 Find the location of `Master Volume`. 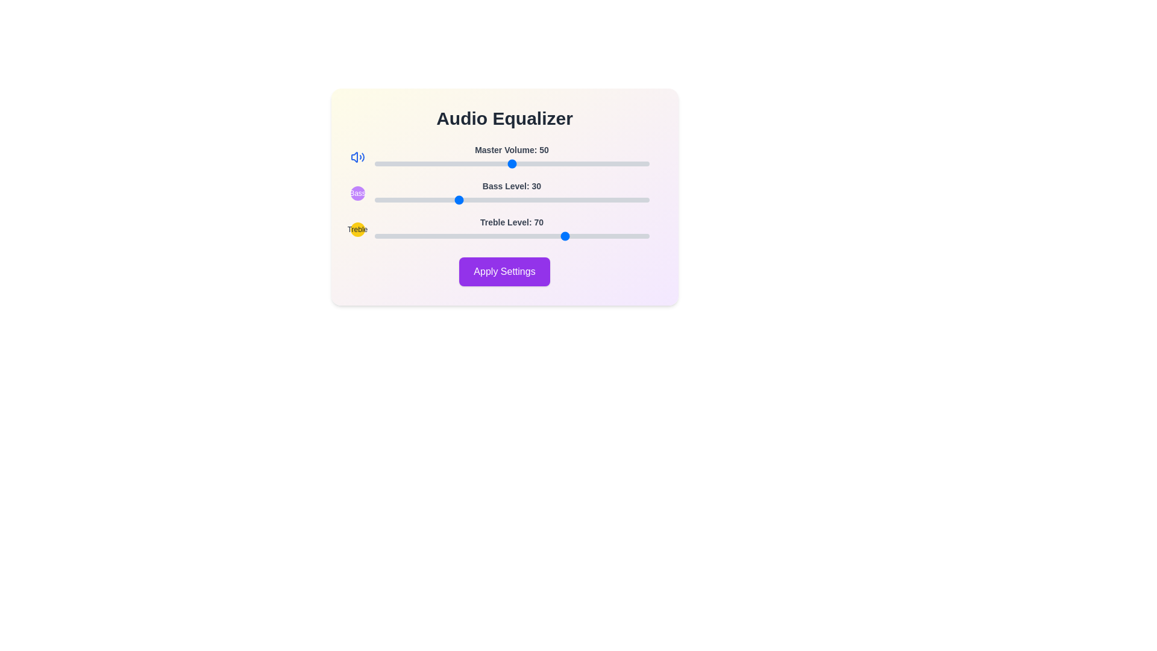

Master Volume is located at coordinates (550, 164).